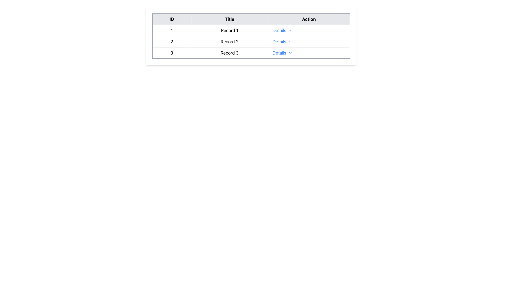 The image size is (527, 296). I want to click on the second cell in the first row of the table, which serves as the title field for the record and displays static text under the 'Title' column, so click(229, 30).